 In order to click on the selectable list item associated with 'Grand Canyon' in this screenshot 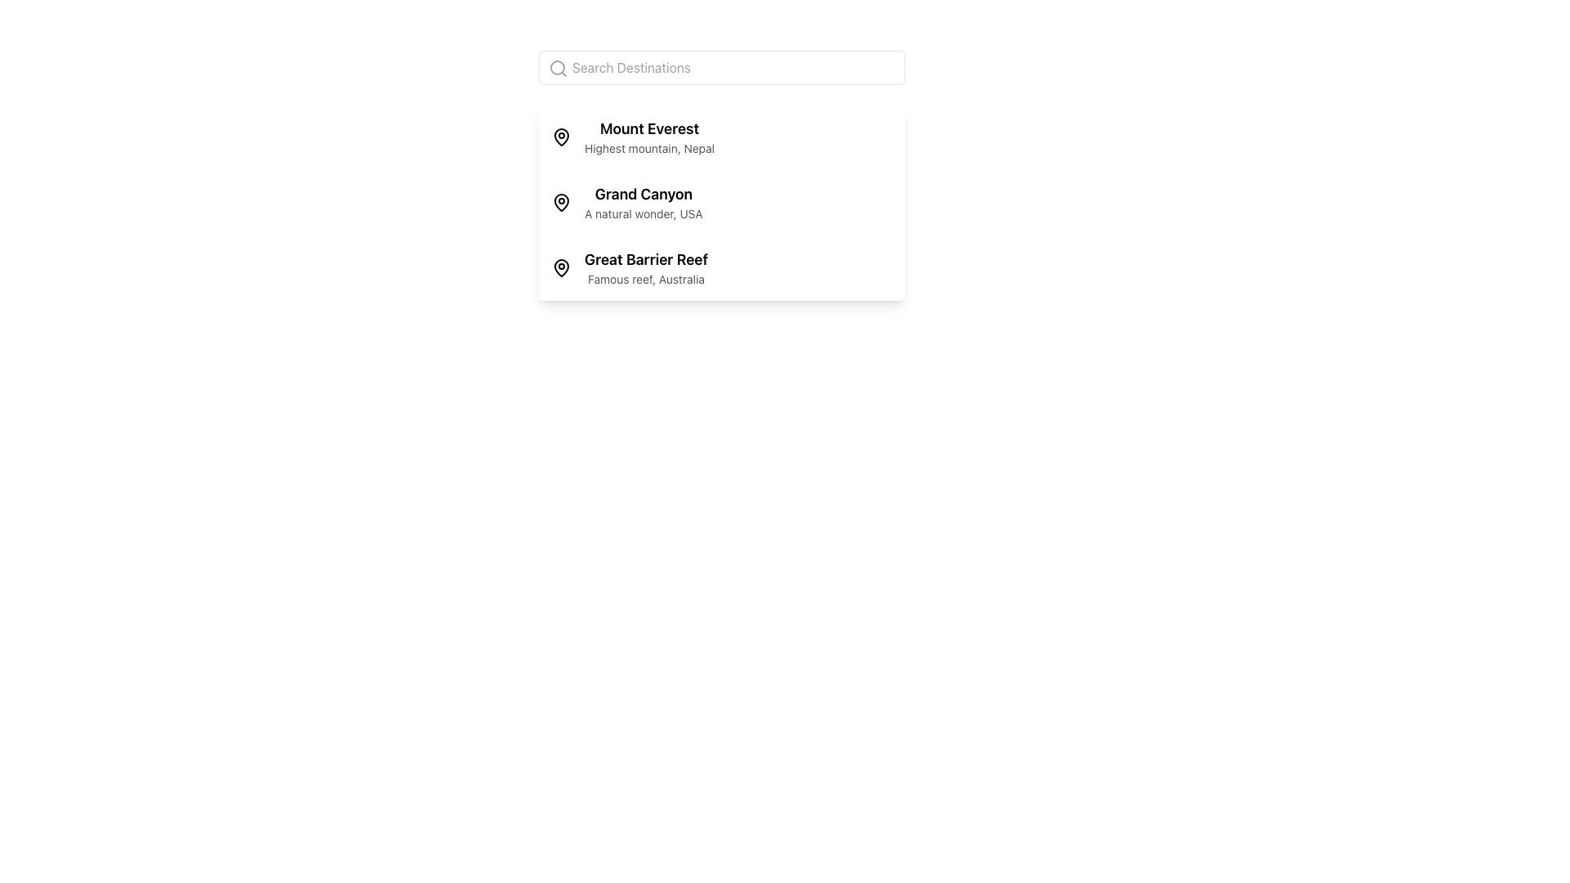, I will do `click(721, 201)`.